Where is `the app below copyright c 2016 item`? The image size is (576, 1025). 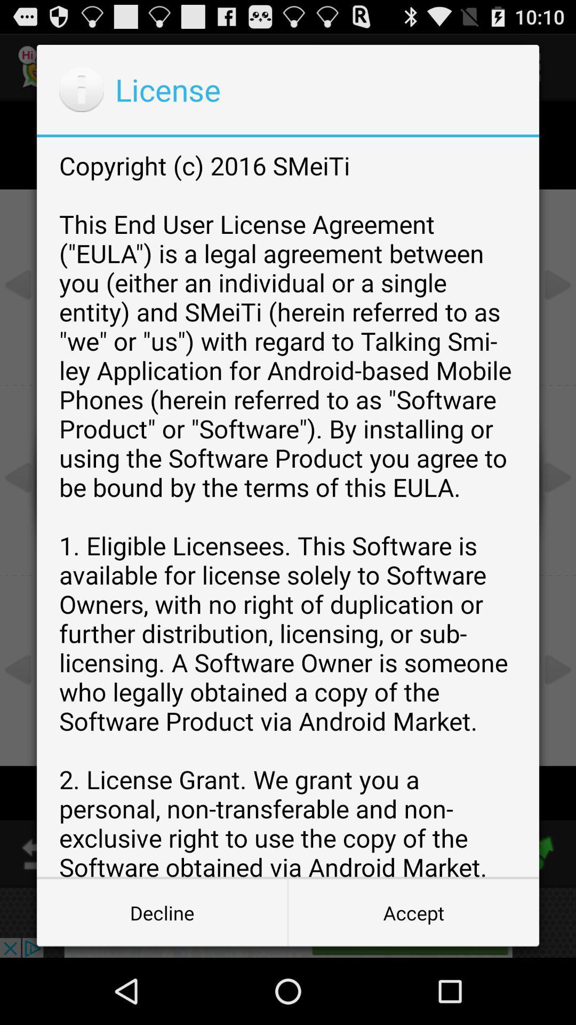
the app below copyright c 2016 item is located at coordinates (162, 912).